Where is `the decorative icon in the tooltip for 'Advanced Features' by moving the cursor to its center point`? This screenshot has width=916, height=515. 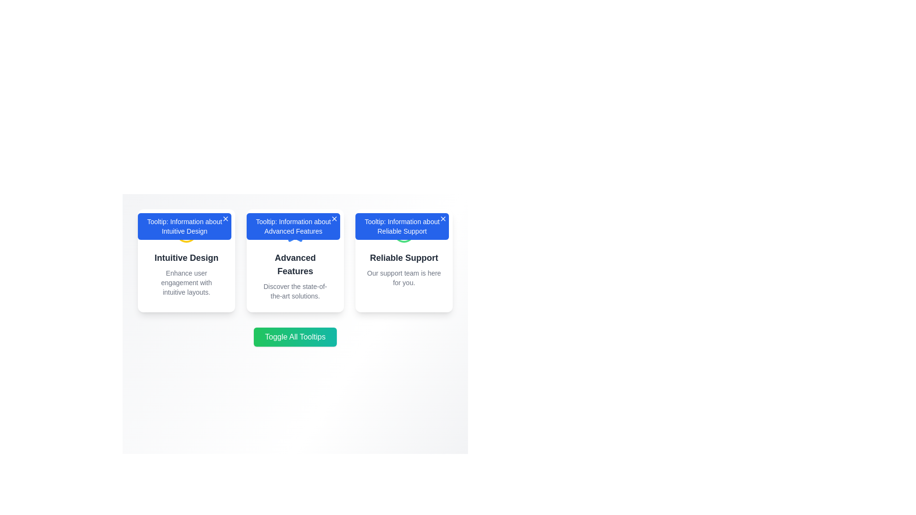 the decorative icon in the tooltip for 'Advanced Features' by moving the cursor to its center point is located at coordinates (295, 232).